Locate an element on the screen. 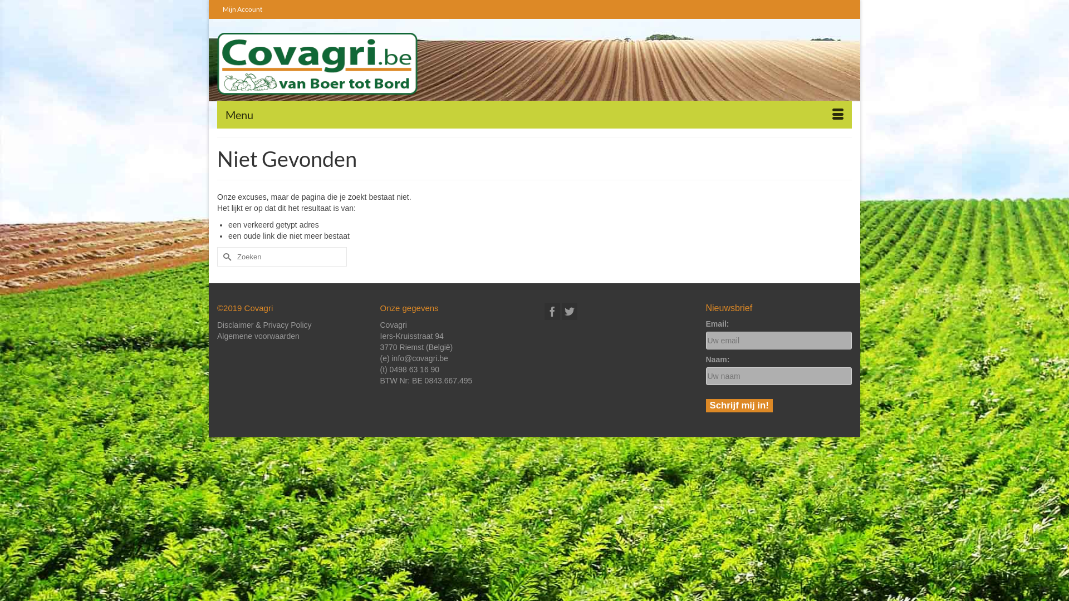 The height and width of the screenshot is (601, 1069). 'Mijn Account' is located at coordinates (242, 9).